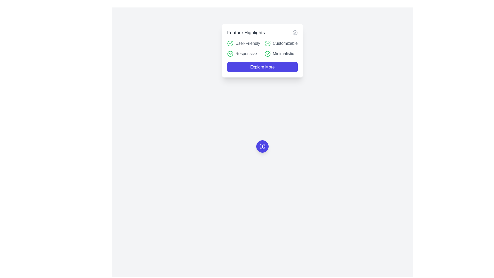 The height and width of the screenshot is (278, 494). Describe the element at coordinates (230, 54) in the screenshot. I see `the visual status indicated by the second icon in the 'Feature Highlights' card, which represents the availability of the 'Responsive' feature` at that location.